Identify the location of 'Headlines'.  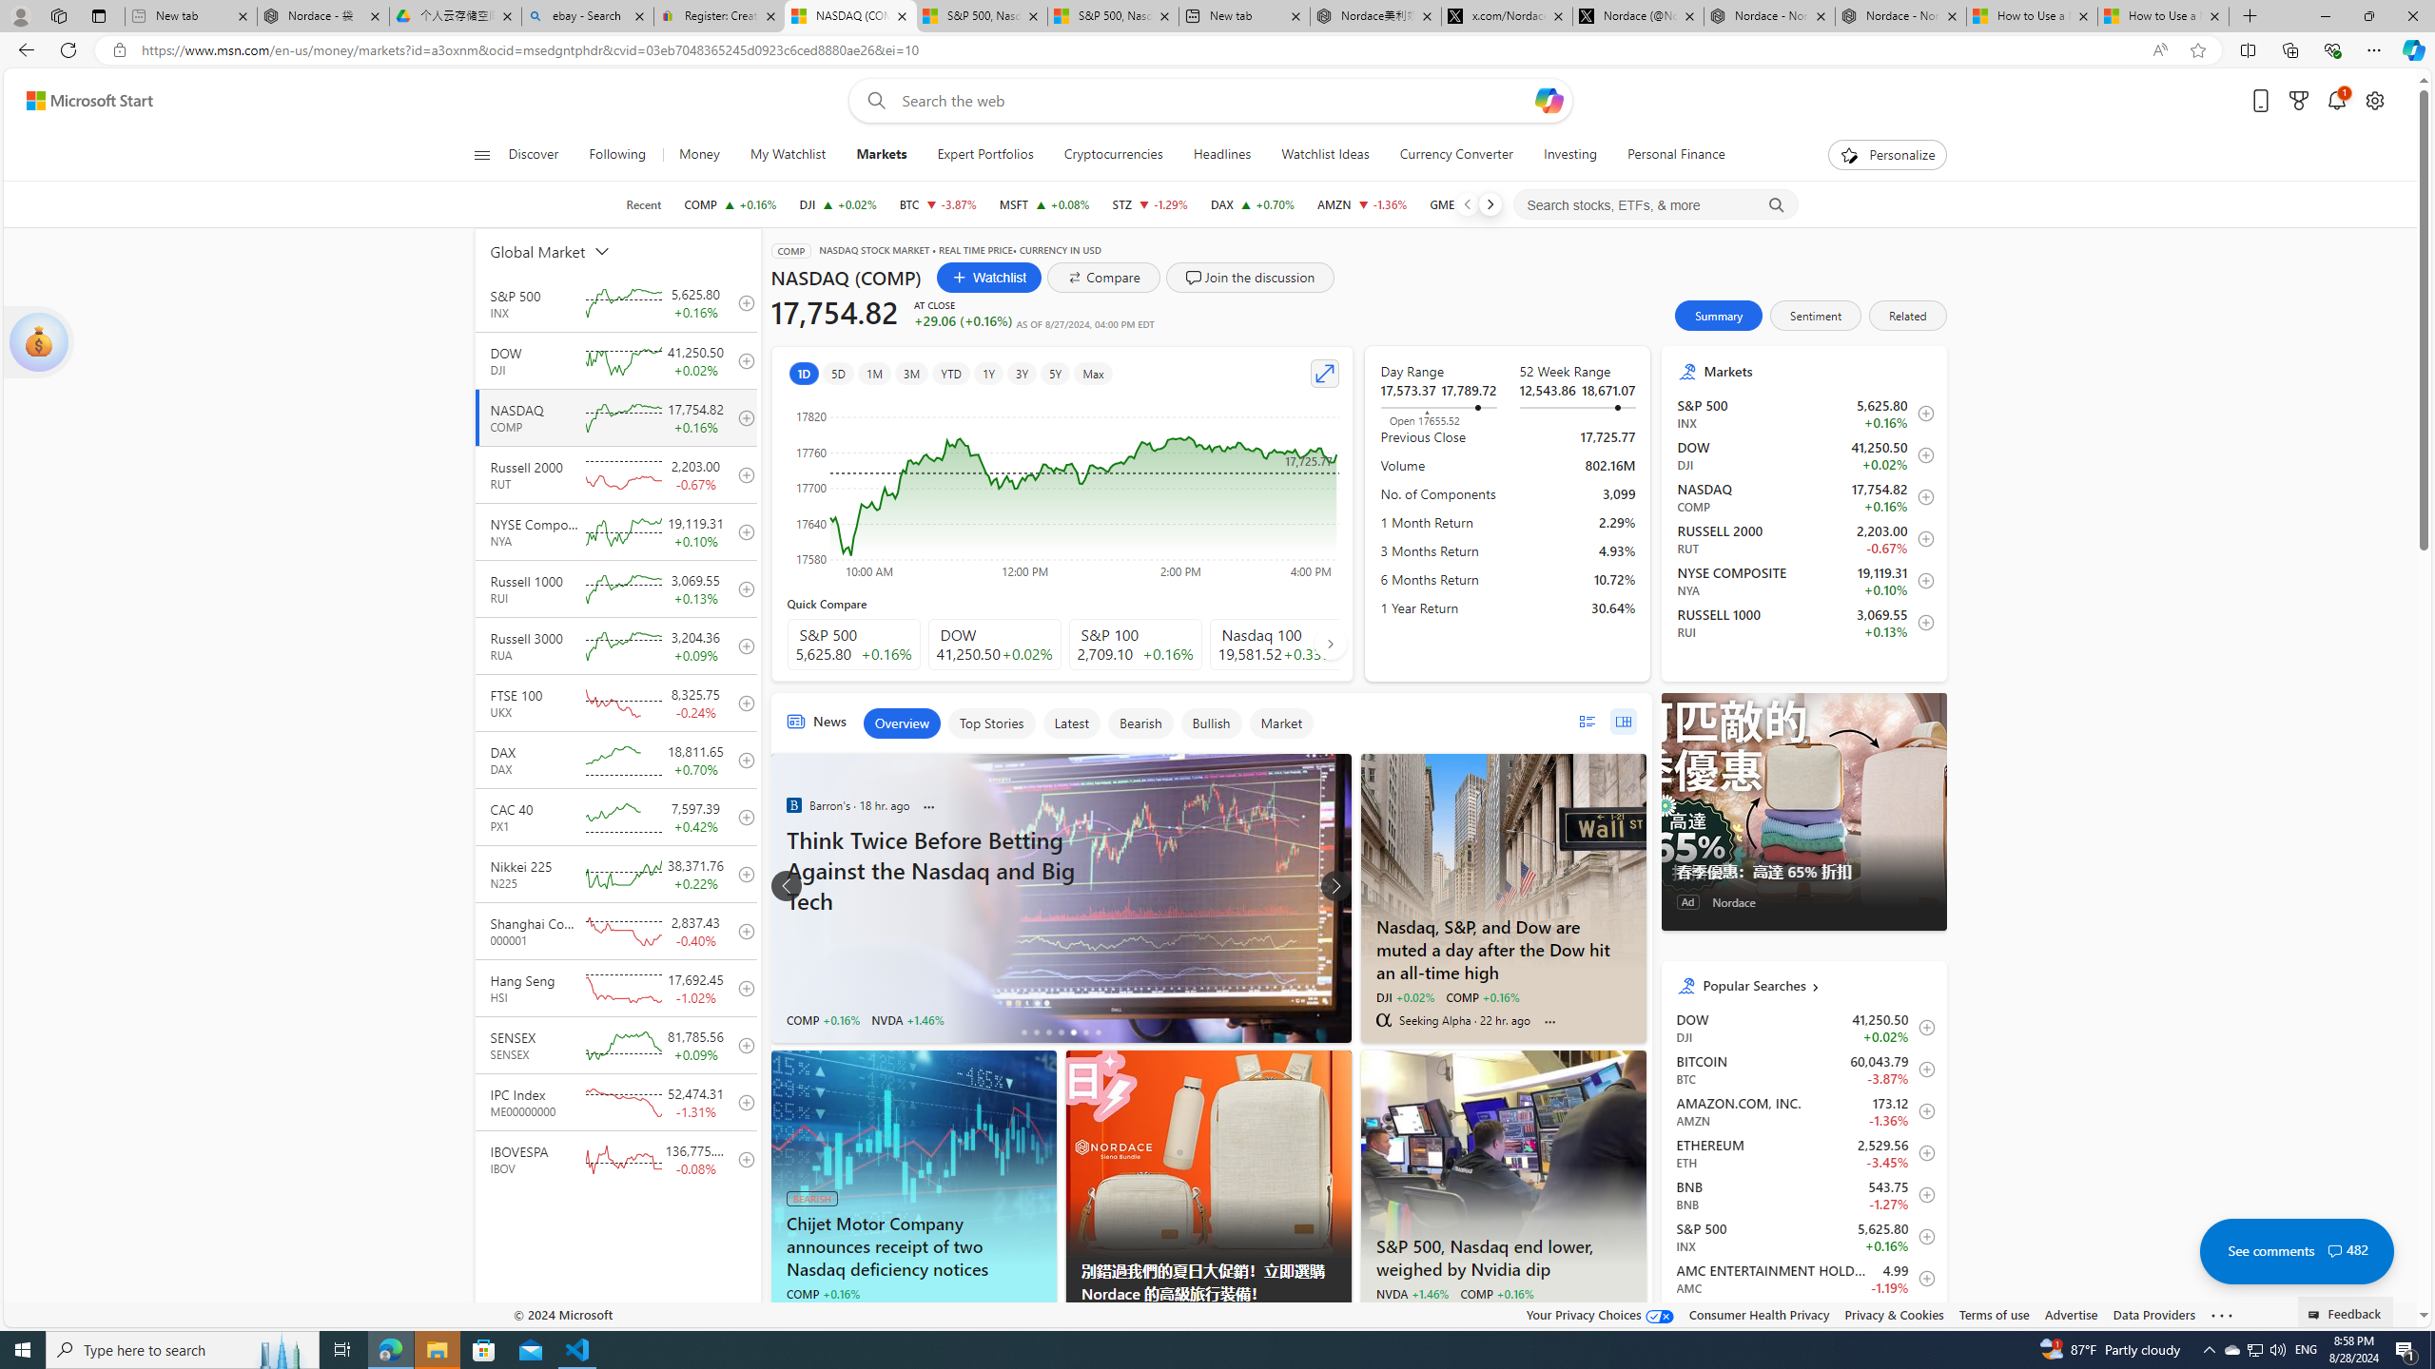
(1221, 154).